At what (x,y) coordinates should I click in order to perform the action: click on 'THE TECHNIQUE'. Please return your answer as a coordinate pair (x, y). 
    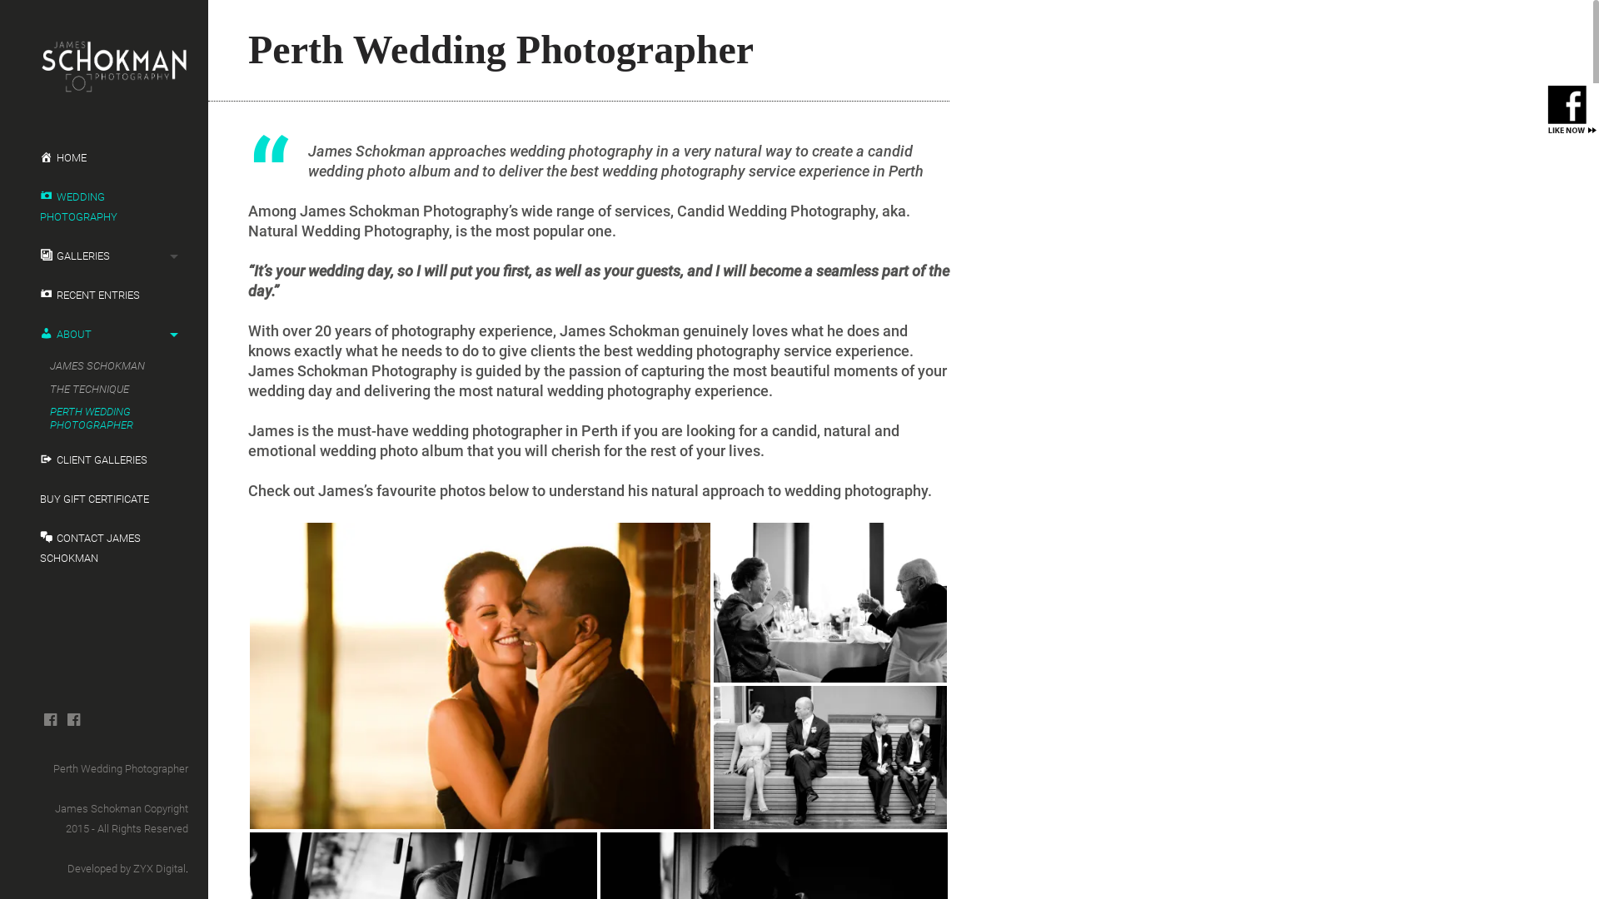
    Looking at the image, I should click on (107, 389).